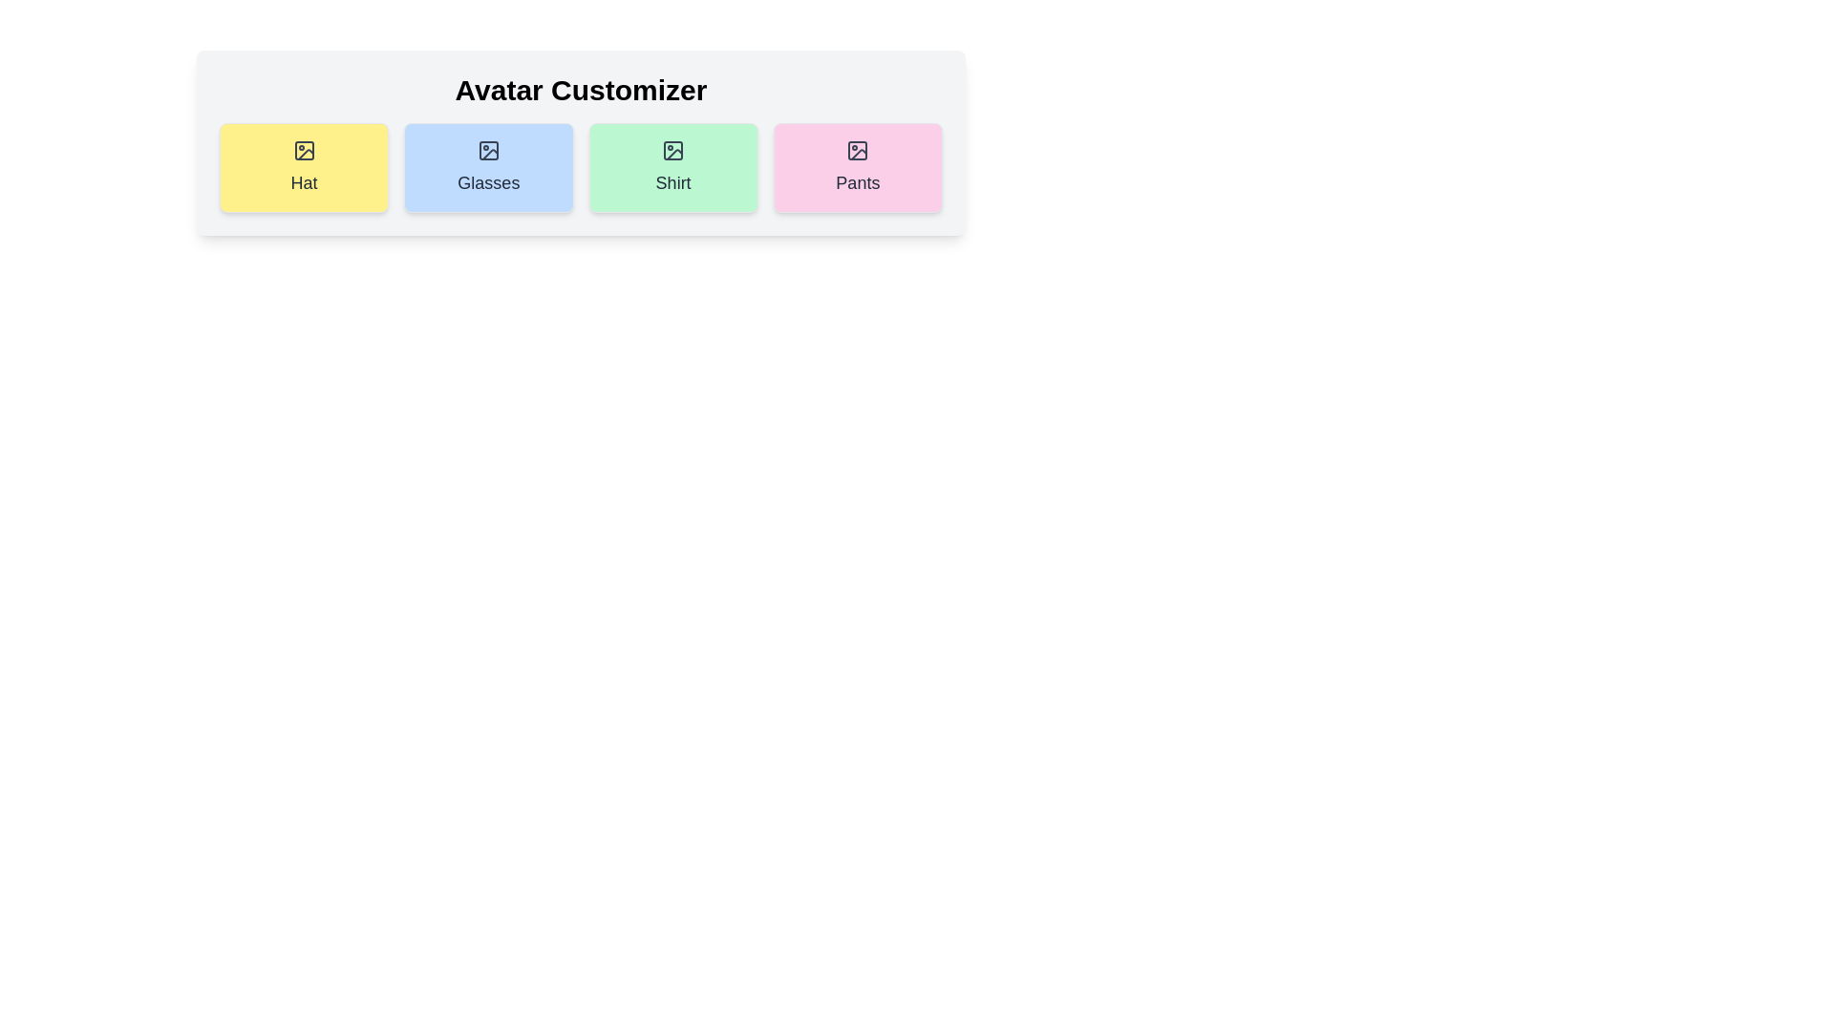  I want to click on the icon element resembling an image representation located at the center of the top icon within the 'Glasses' card, so click(488, 150).